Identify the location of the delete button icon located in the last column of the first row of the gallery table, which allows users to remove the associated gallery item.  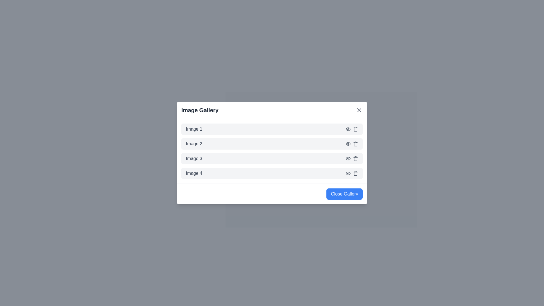
(355, 129).